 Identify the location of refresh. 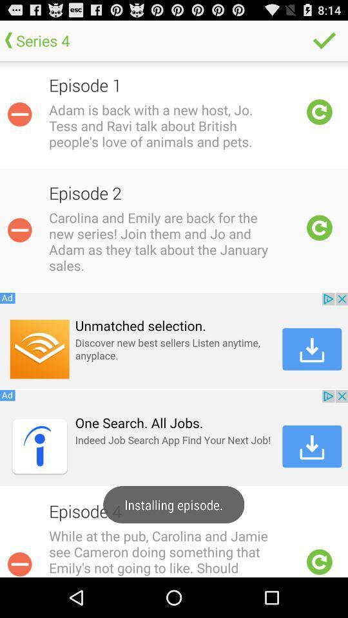
(319, 561).